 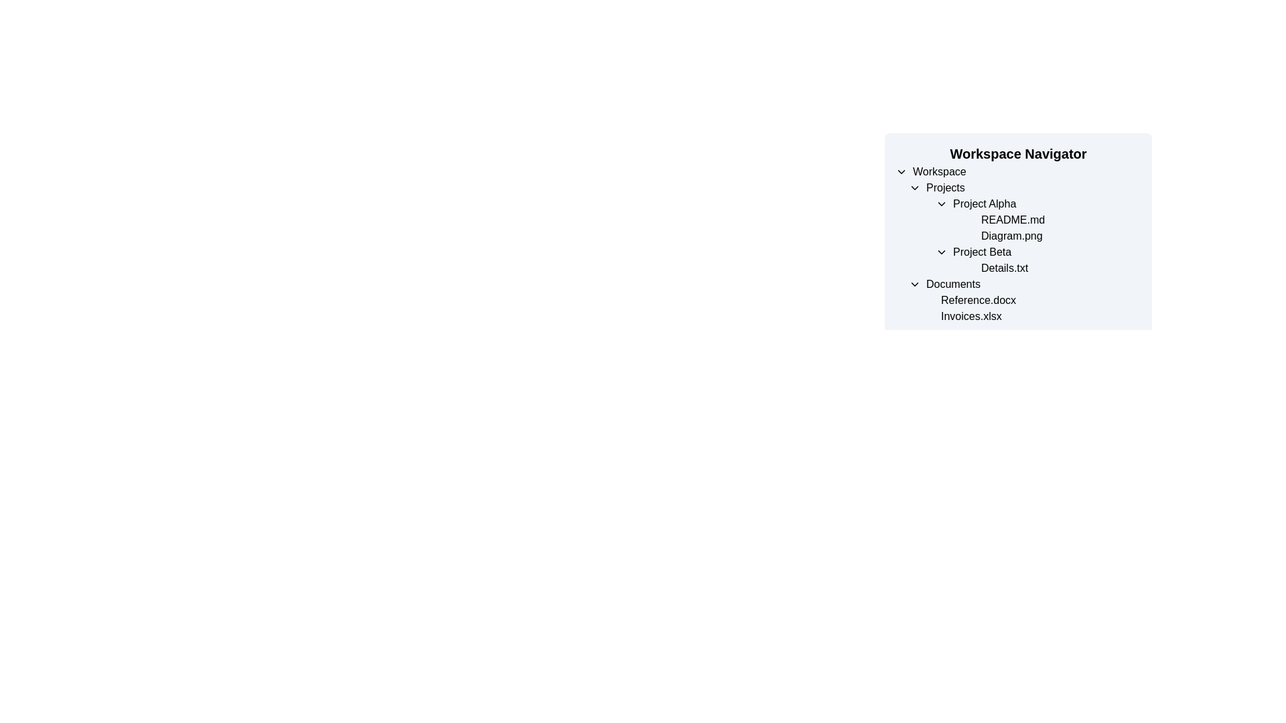 I want to click on the 'Project Beta' text label, which is styled in black and positioned under the 'Projects' section of the 'Workspace Navigator', so click(x=982, y=252).